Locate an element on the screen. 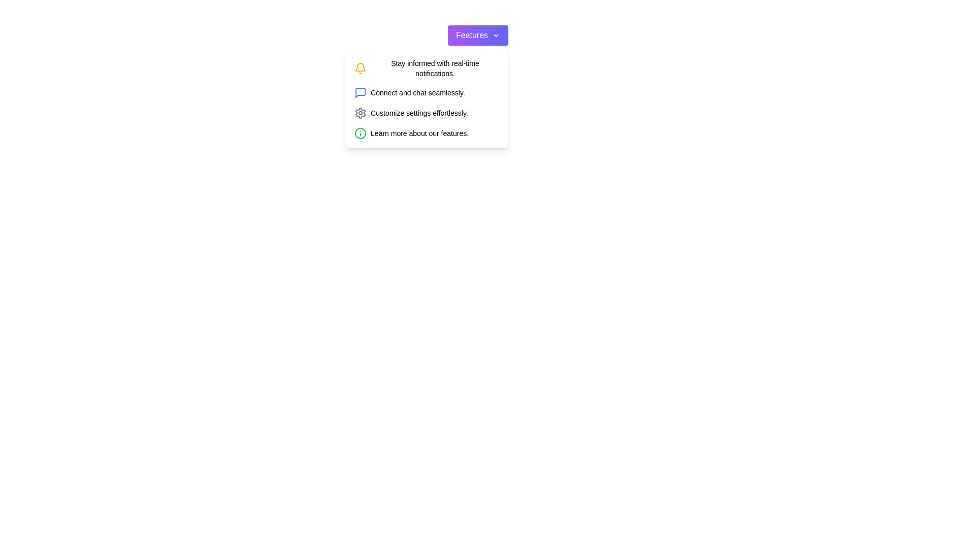 The image size is (975, 548). the appearance of the blue chat bubble icon, which is the second icon from the top in a dropdown list, located to the left of the text 'Connect and chat seamlessly.' is located at coordinates (361, 92).